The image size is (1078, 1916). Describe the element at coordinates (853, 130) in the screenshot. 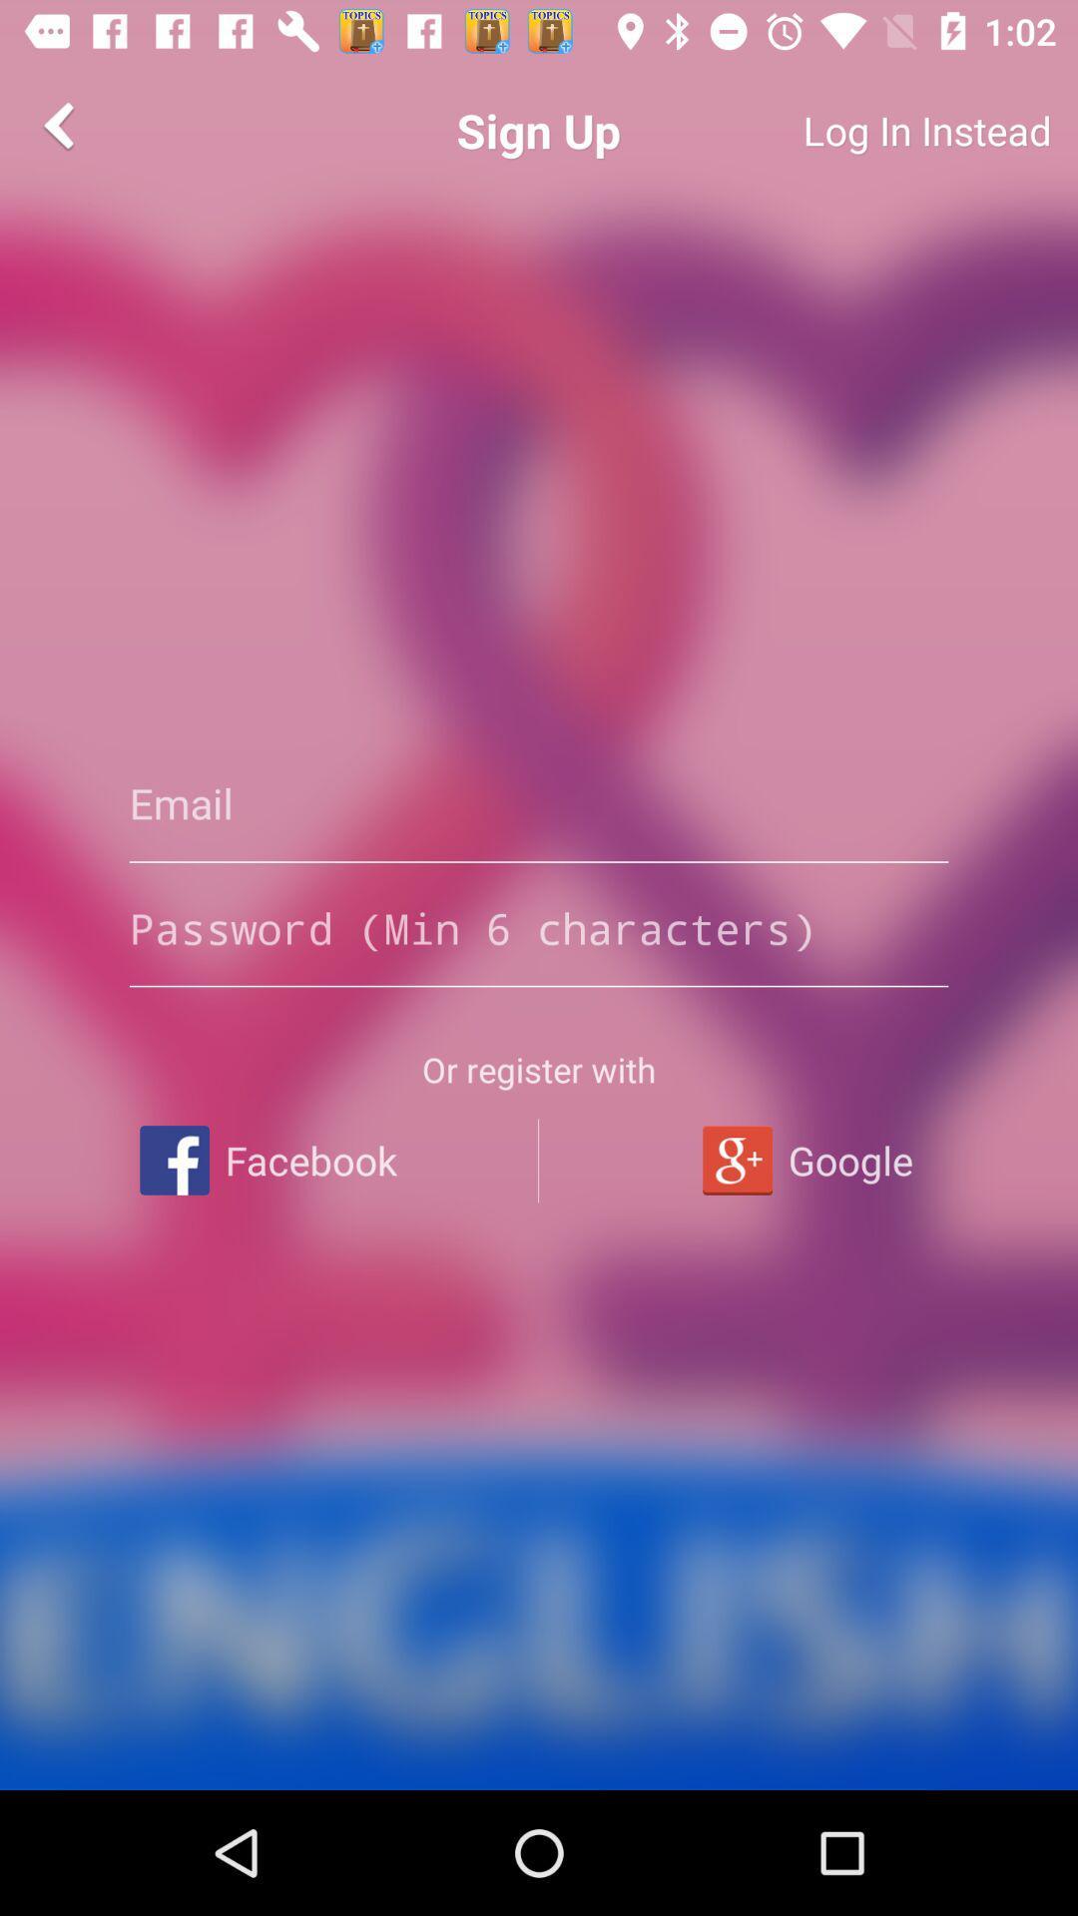

I see `the item next to the sign up item` at that location.